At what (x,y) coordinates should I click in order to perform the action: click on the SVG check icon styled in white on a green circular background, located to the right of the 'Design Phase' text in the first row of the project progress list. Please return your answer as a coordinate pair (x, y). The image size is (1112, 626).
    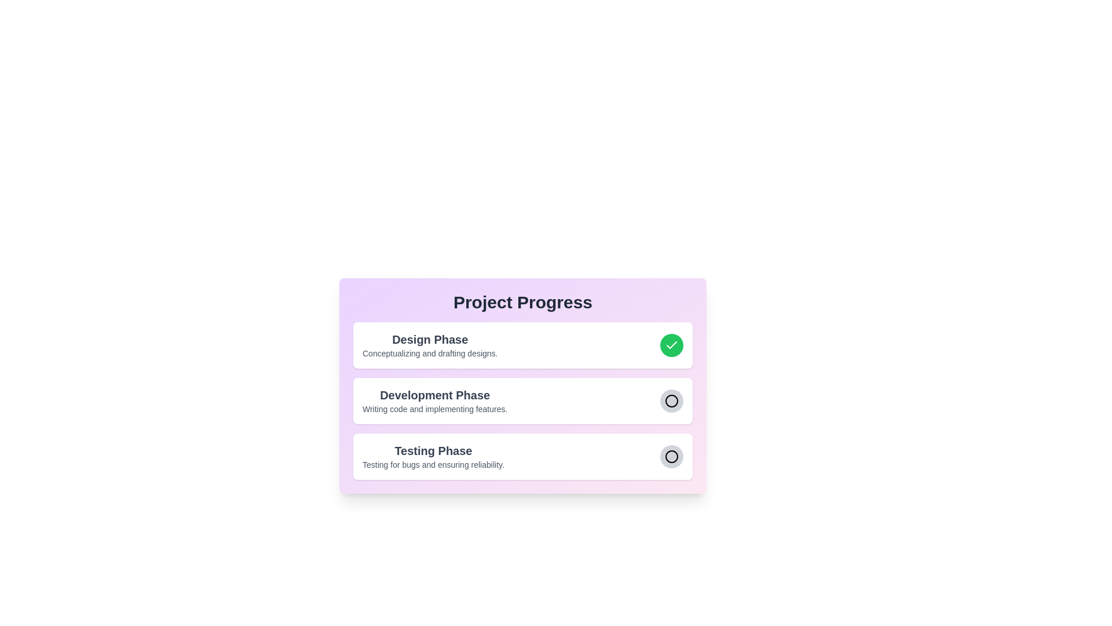
    Looking at the image, I should click on (672, 345).